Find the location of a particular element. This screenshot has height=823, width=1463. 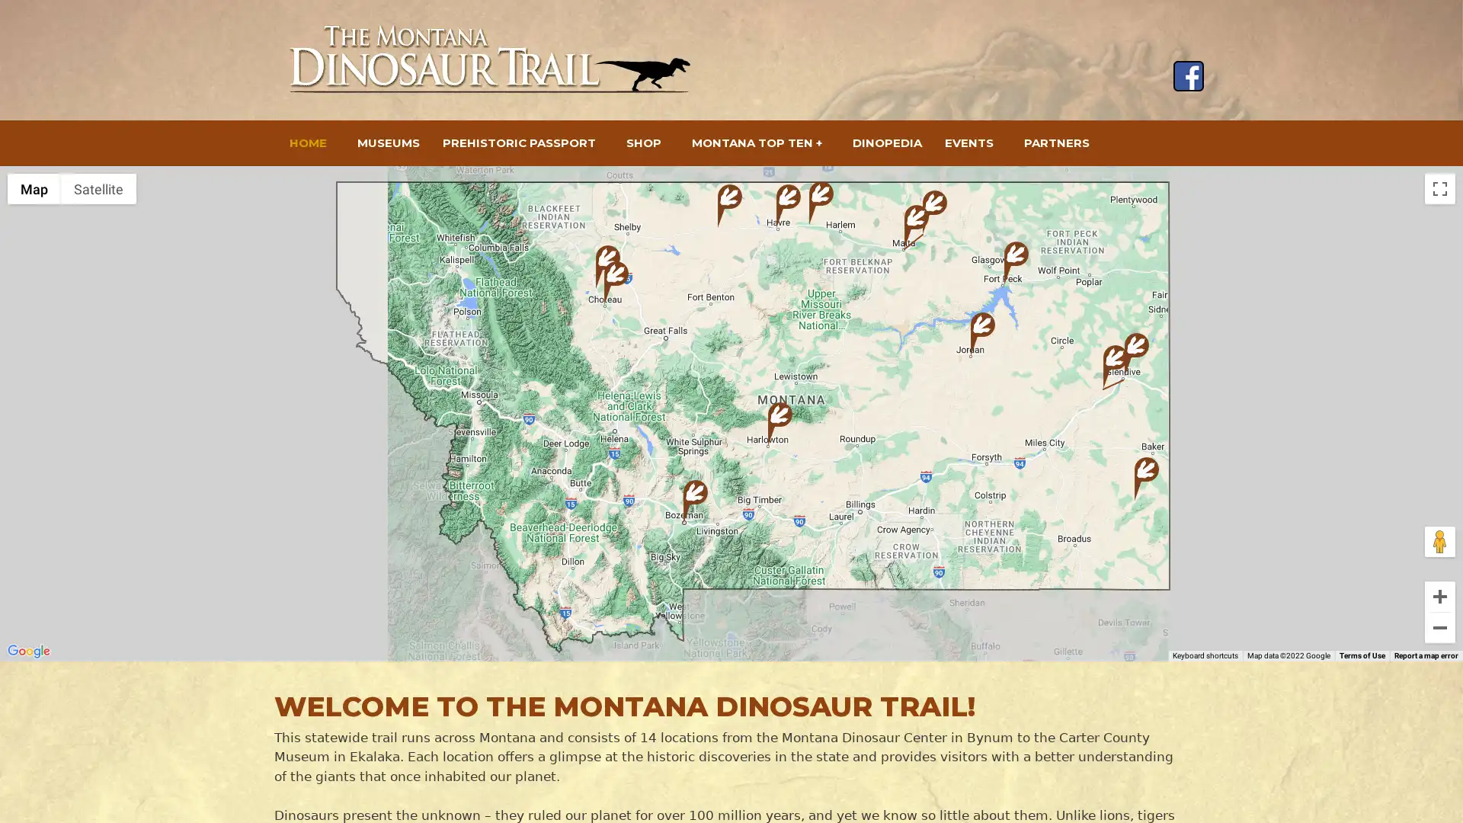

Upper Musselshell Museum is located at coordinates (780, 424).